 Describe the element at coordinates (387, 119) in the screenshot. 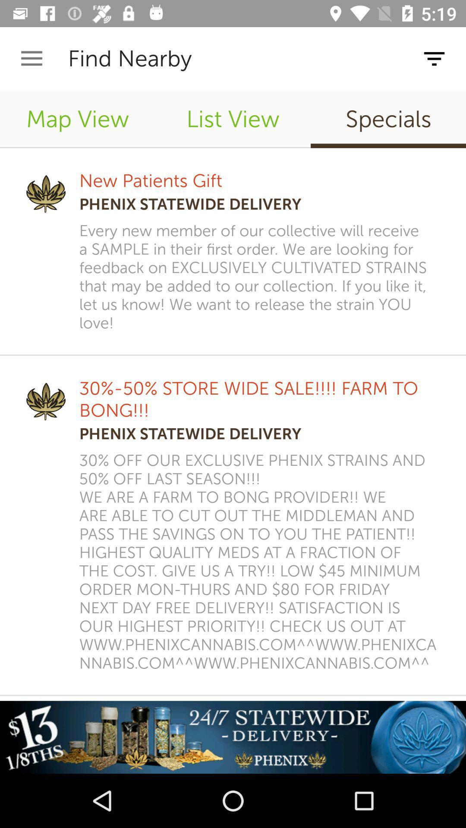

I see `icon above the every new member` at that location.